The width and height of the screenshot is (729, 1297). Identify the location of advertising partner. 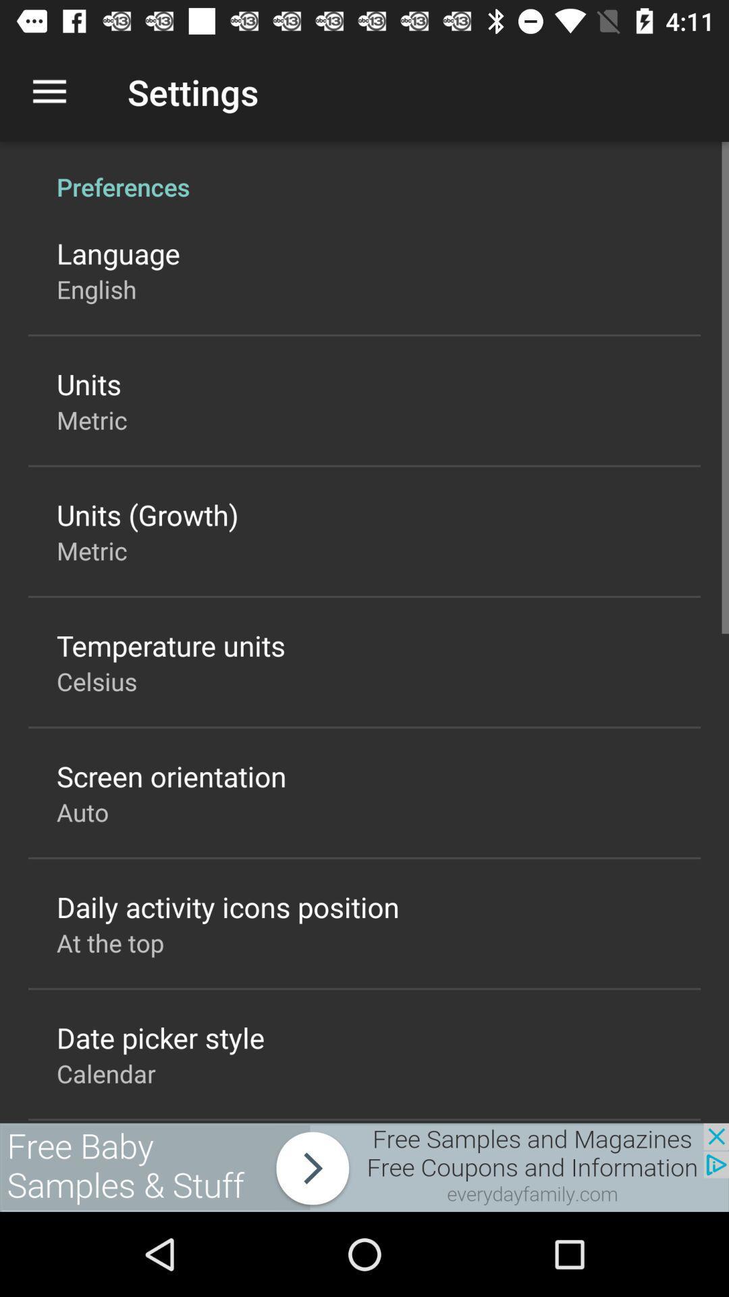
(364, 1167).